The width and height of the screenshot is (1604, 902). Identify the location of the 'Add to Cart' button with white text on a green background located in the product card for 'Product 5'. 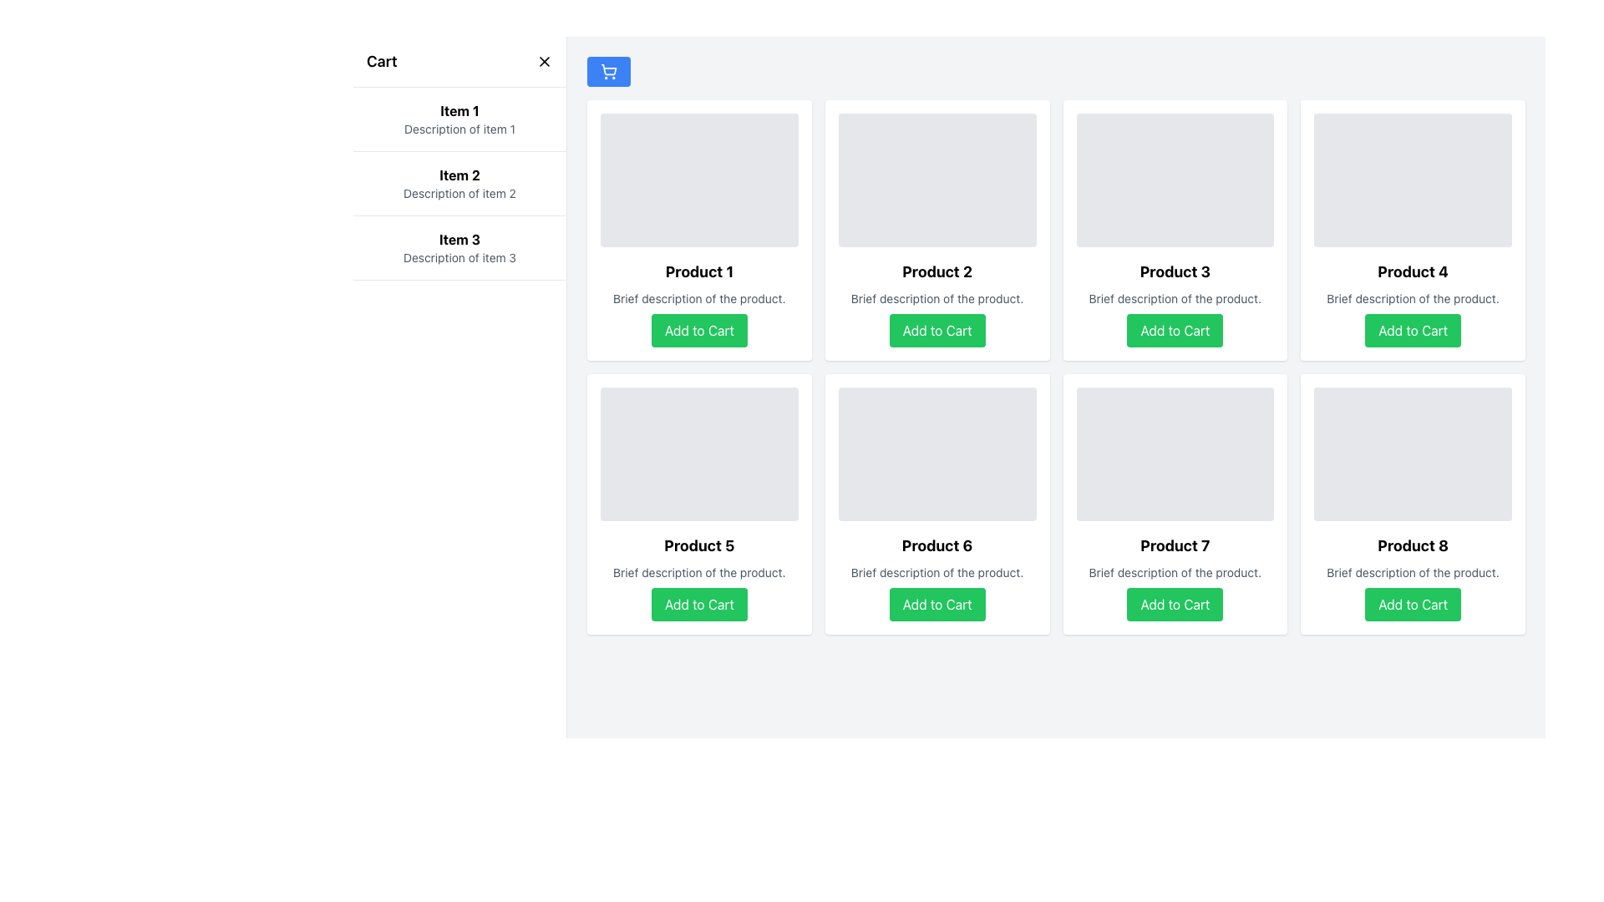
(699, 605).